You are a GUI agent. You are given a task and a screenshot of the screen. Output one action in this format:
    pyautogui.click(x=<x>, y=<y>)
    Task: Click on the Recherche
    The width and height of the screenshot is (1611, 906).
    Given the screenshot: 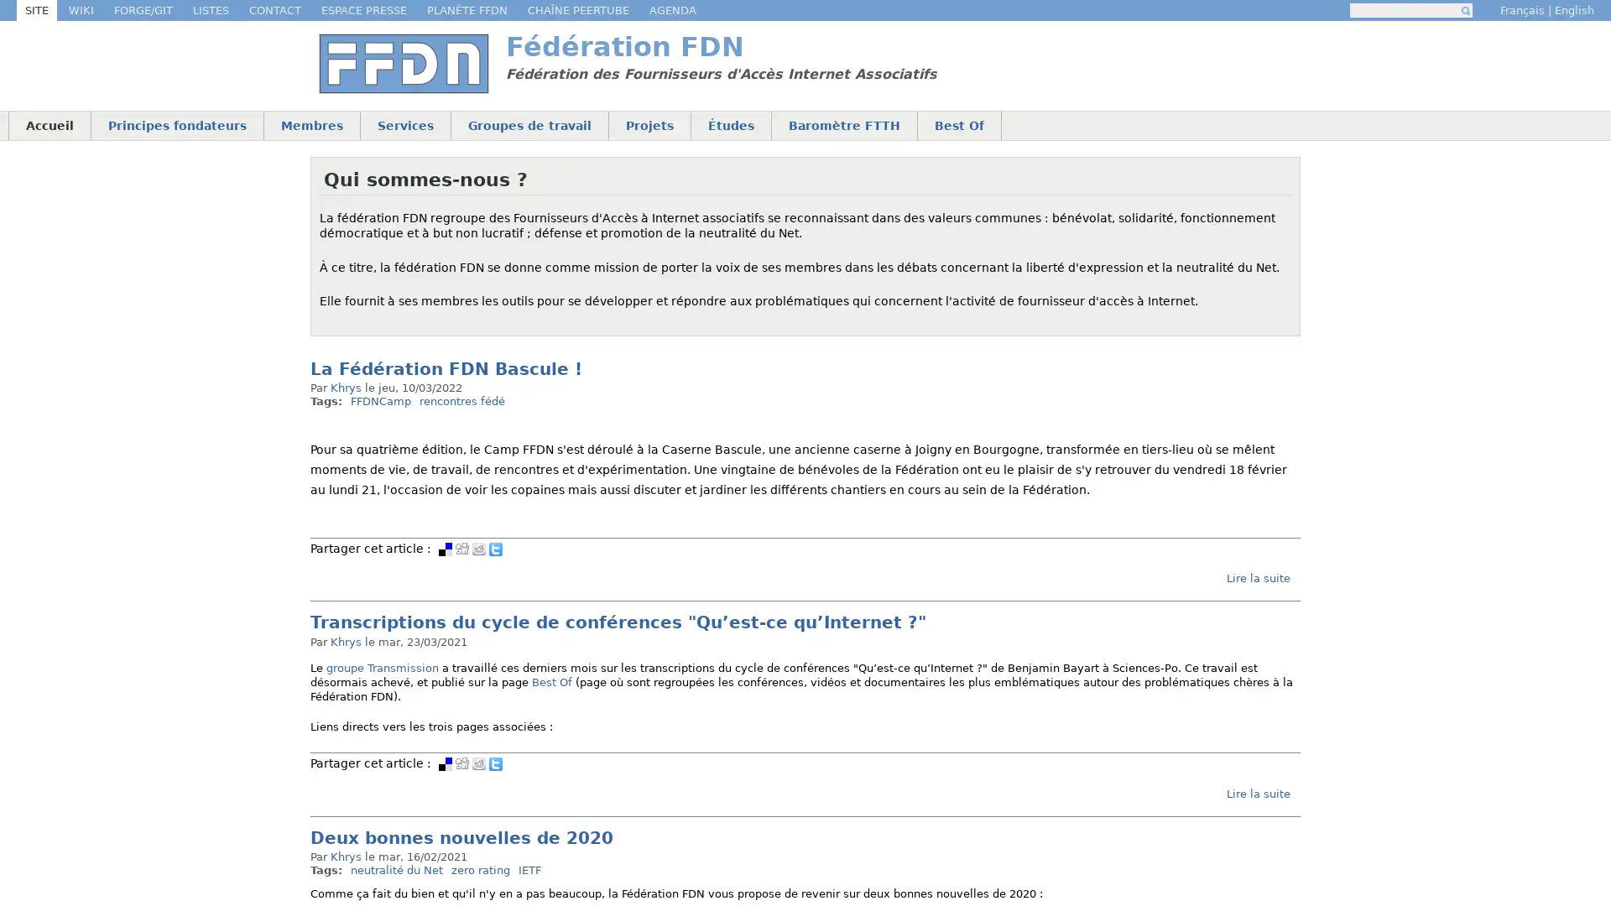 What is the action you would take?
    pyautogui.click(x=1464, y=10)
    